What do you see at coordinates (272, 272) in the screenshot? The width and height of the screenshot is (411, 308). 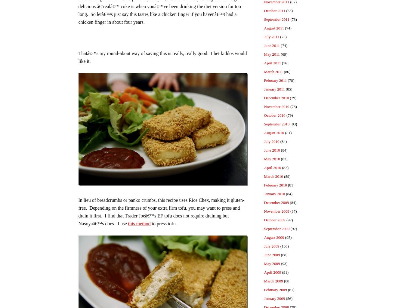 I see `'April 2009'` at bounding box center [272, 272].